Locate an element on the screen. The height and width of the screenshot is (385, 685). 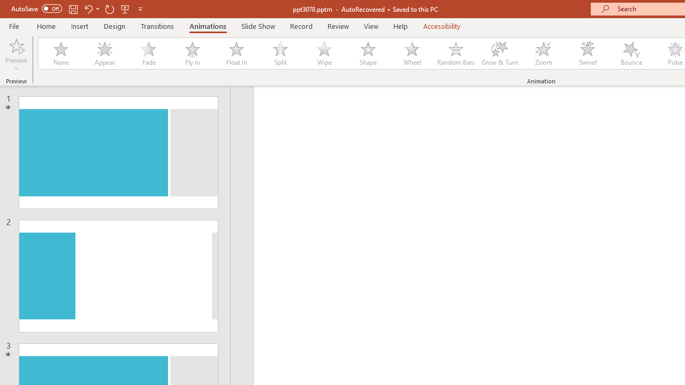
'Swivel' is located at coordinates (587, 53).